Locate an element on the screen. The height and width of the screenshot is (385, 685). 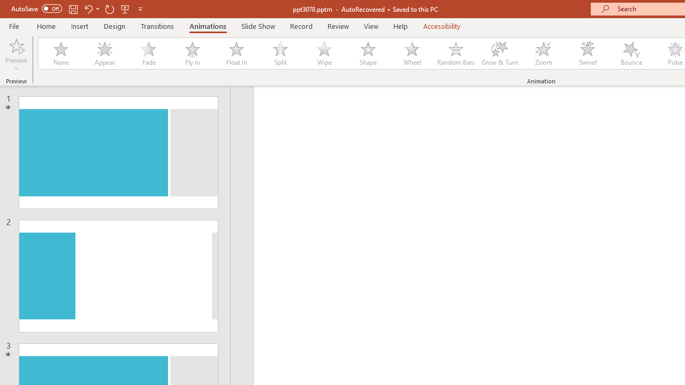
'Swivel' is located at coordinates (587, 53).